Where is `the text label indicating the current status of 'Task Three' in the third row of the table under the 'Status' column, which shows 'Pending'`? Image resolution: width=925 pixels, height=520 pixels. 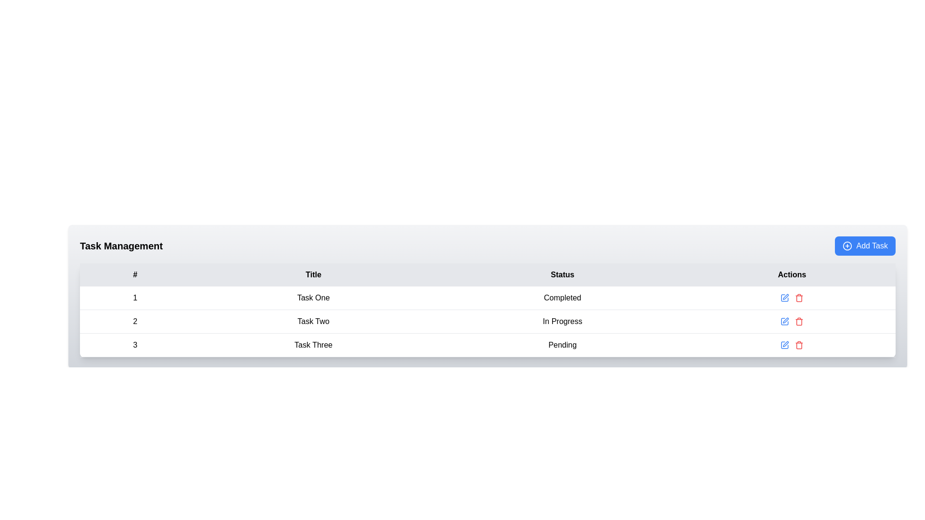
the text label indicating the current status of 'Task Three' in the third row of the table under the 'Status' column, which shows 'Pending' is located at coordinates (562, 345).